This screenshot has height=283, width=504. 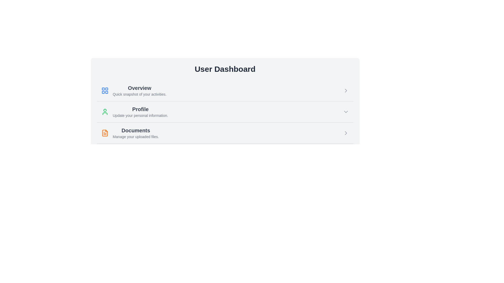 What do you see at coordinates (139, 90) in the screenshot?
I see `the first row of the dashboard containing the title 'Overview' and description 'Quick snapshot of your activities.'` at bounding box center [139, 90].